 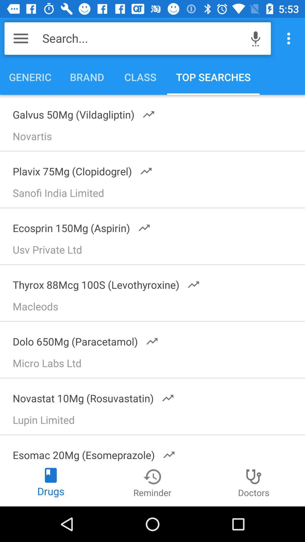 What do you see at coordinates (20, 38) in the screenshot?
I see `item to the left of search... icon` at bounding box center [20, 38].